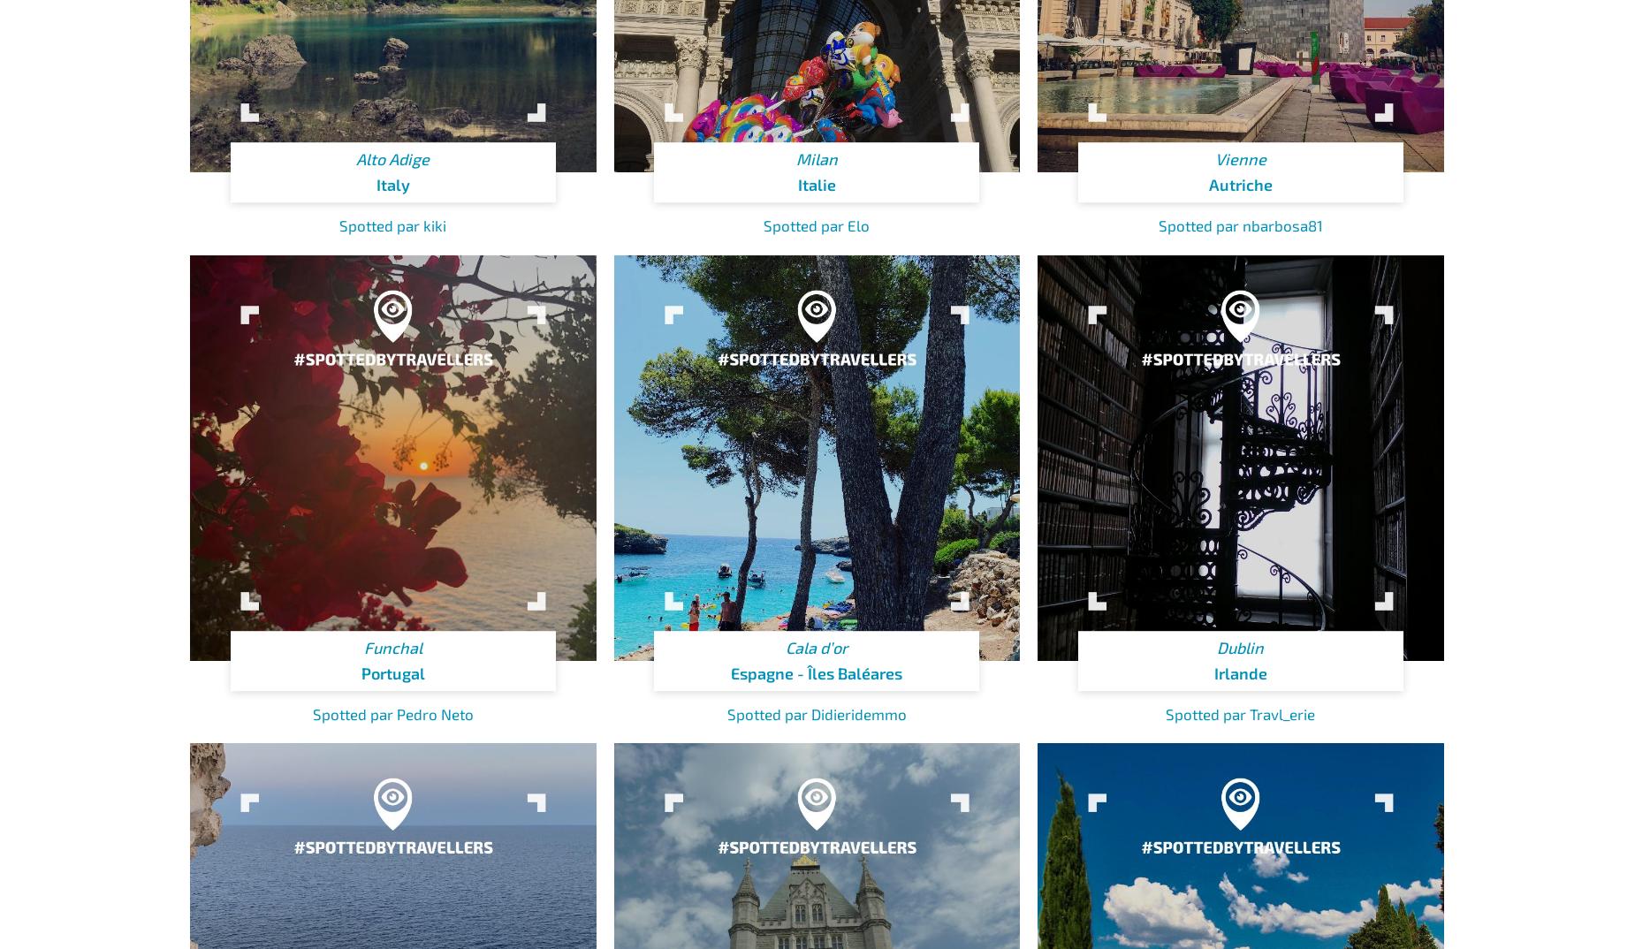 This screenshot has width=1635, height=949. I want to click on 'Espagne - Îles Baléares', so click(817, 672).